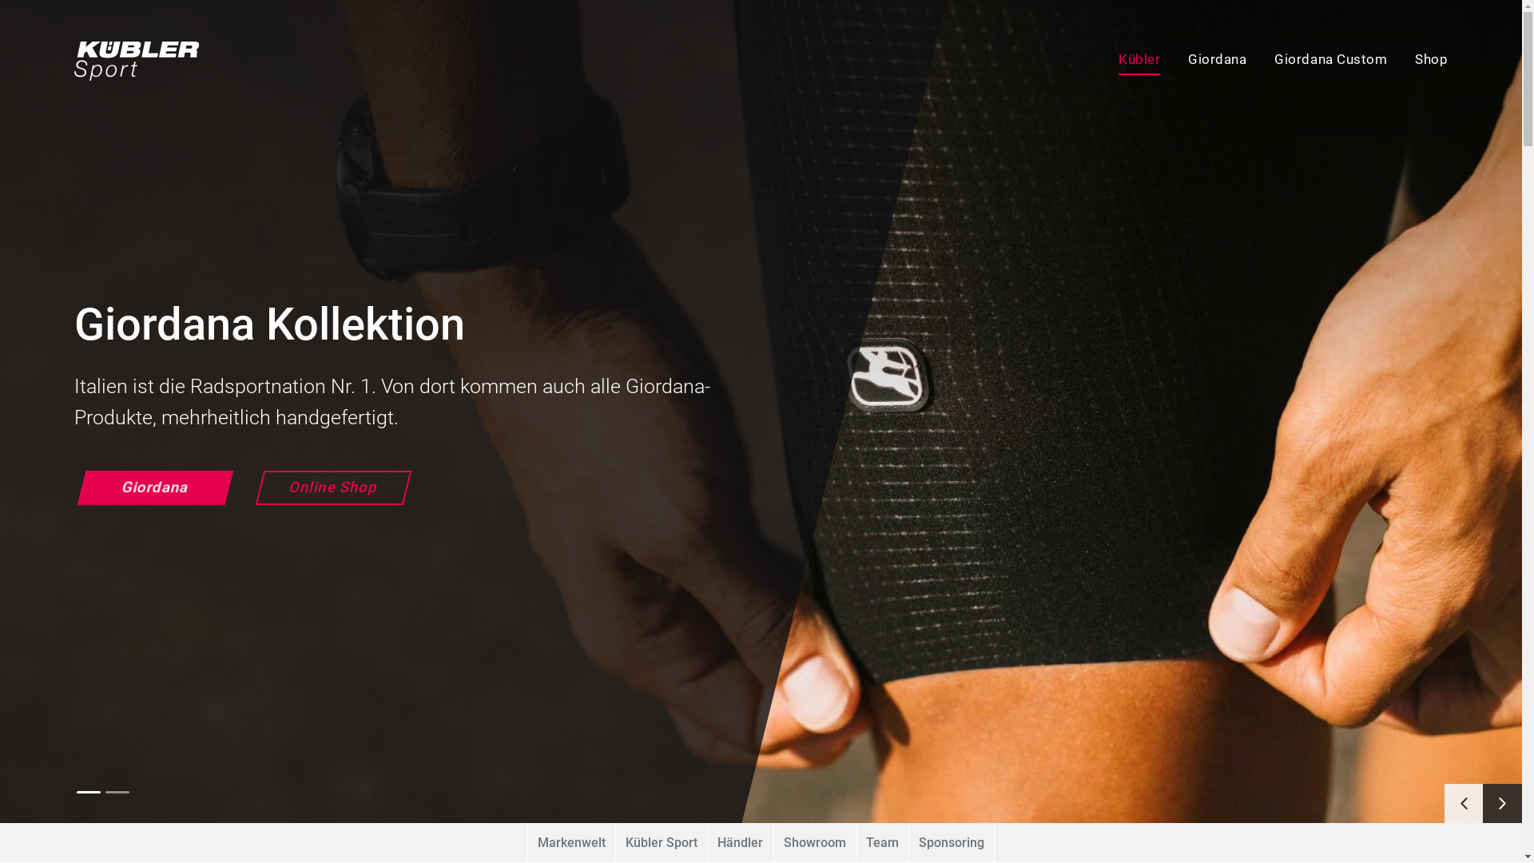  What do you see at coordinates (1501, 803) in the screenshot?
I see `'Next'` at bounding box center [1501, 803].